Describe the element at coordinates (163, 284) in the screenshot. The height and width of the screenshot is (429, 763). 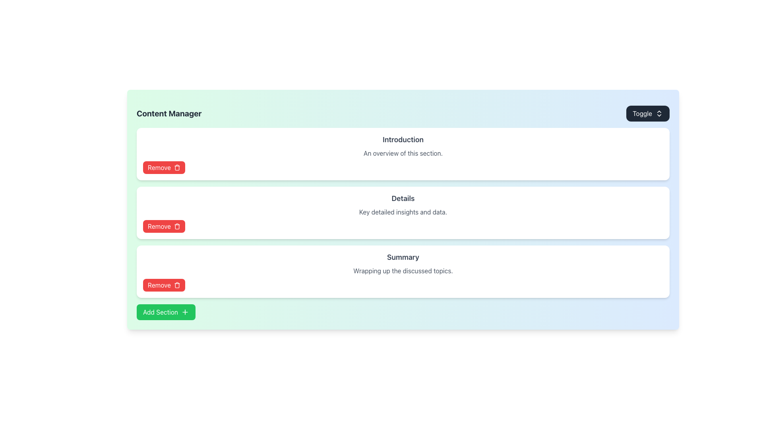
I see `the red 'Remove' button with white text and a trash bin icon located in the 'Summary' section` at that location.